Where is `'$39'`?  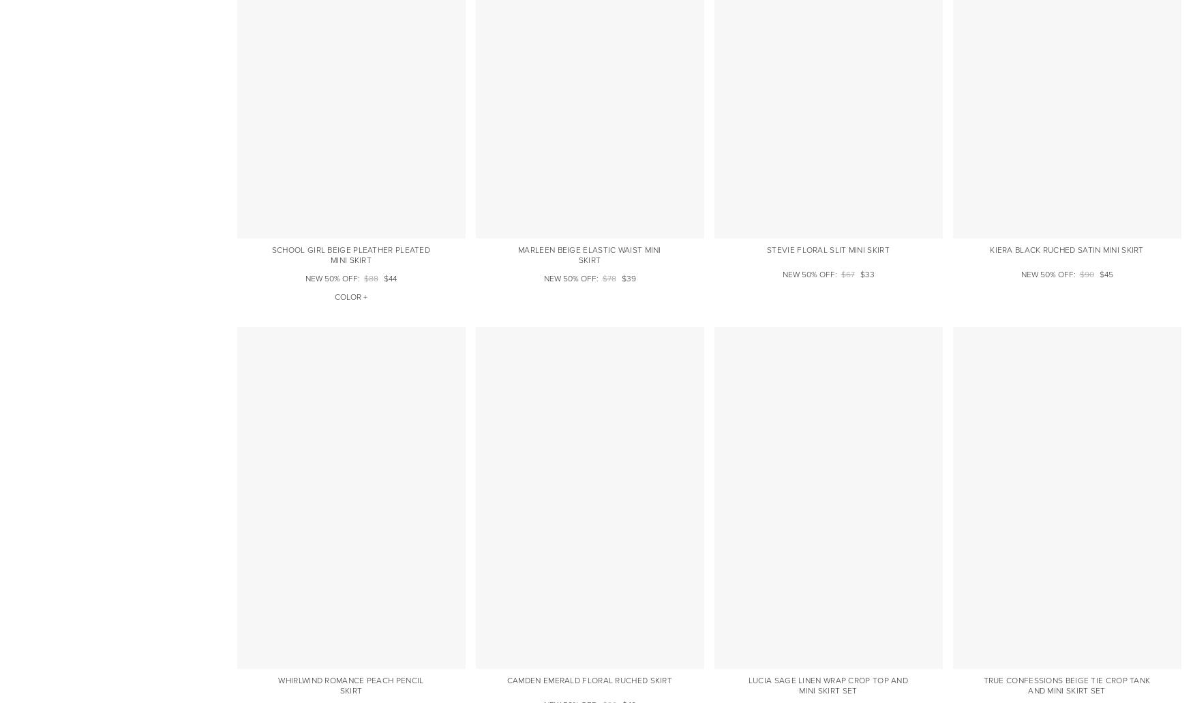
'$39' is located at coordinates (627, 277).